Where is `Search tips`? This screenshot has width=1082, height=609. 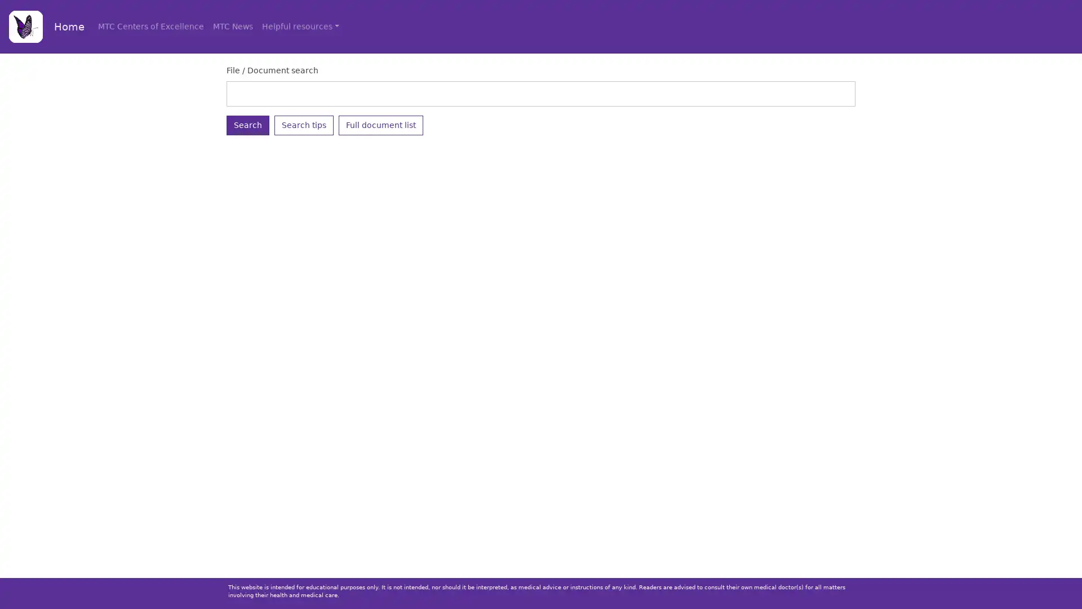 Search tips is located at coordinates (304, 125).